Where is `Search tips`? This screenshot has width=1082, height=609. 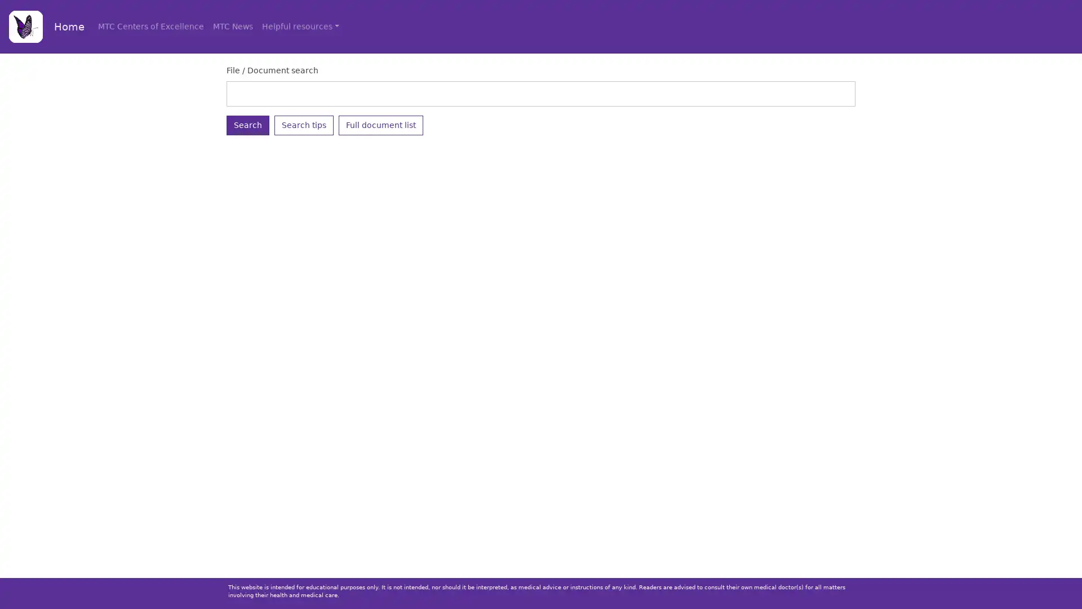 Search tips is located at coordinates (304, 125).